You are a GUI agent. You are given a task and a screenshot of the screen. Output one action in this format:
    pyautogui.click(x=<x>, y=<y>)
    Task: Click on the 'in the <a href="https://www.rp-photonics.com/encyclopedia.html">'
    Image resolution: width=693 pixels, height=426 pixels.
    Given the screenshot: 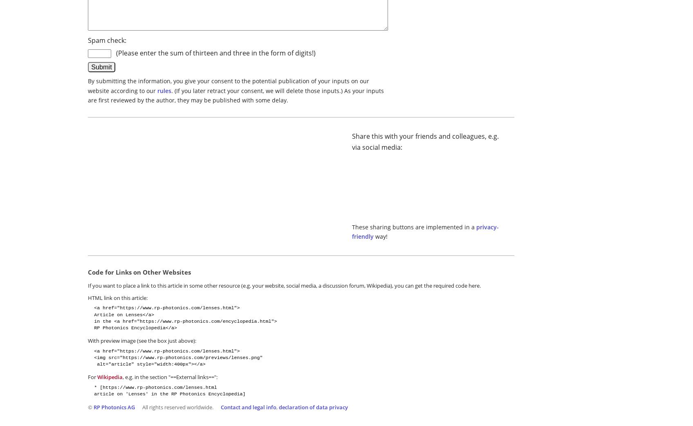 What is the action you would take?
    pyautogui.click(x=185, y=320)
    